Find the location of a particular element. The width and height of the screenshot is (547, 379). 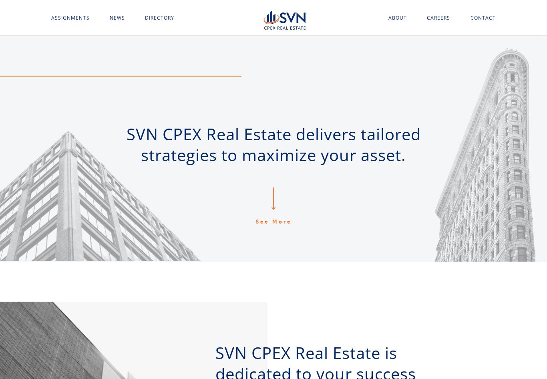

'Assignments' is located at coordinates (50, 17).